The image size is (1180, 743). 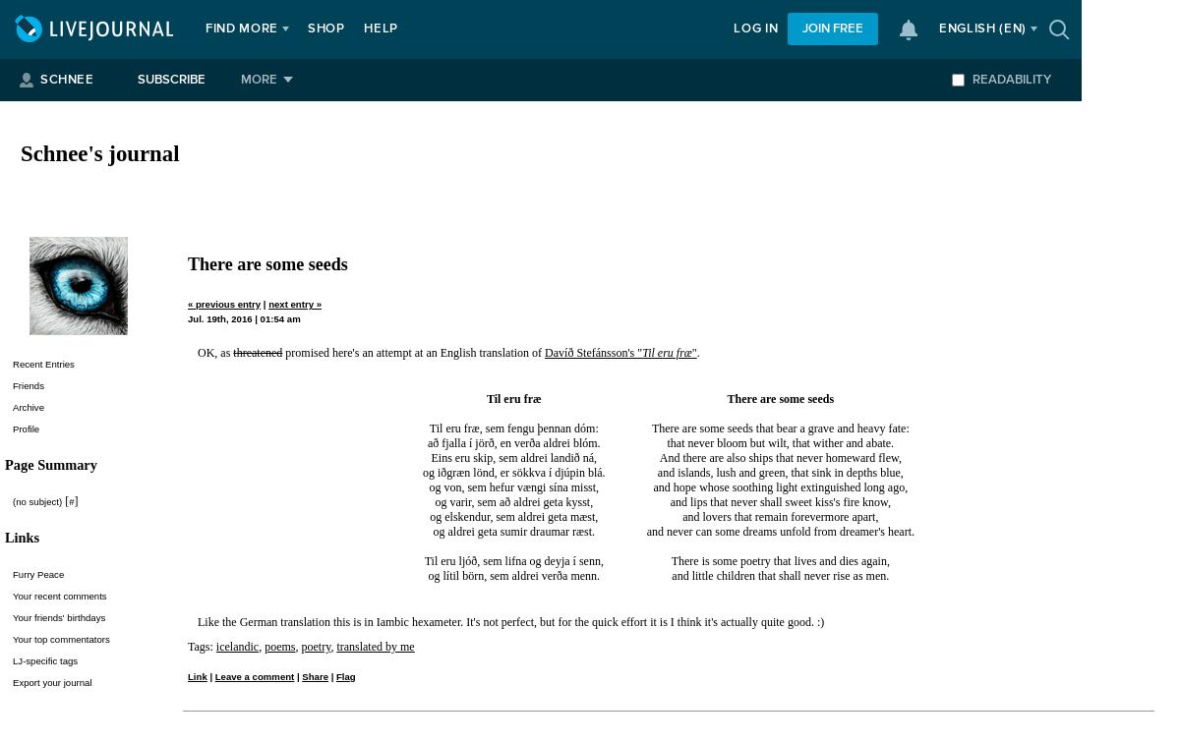 I want to click on 'Archive', so click(x=12, y=406).